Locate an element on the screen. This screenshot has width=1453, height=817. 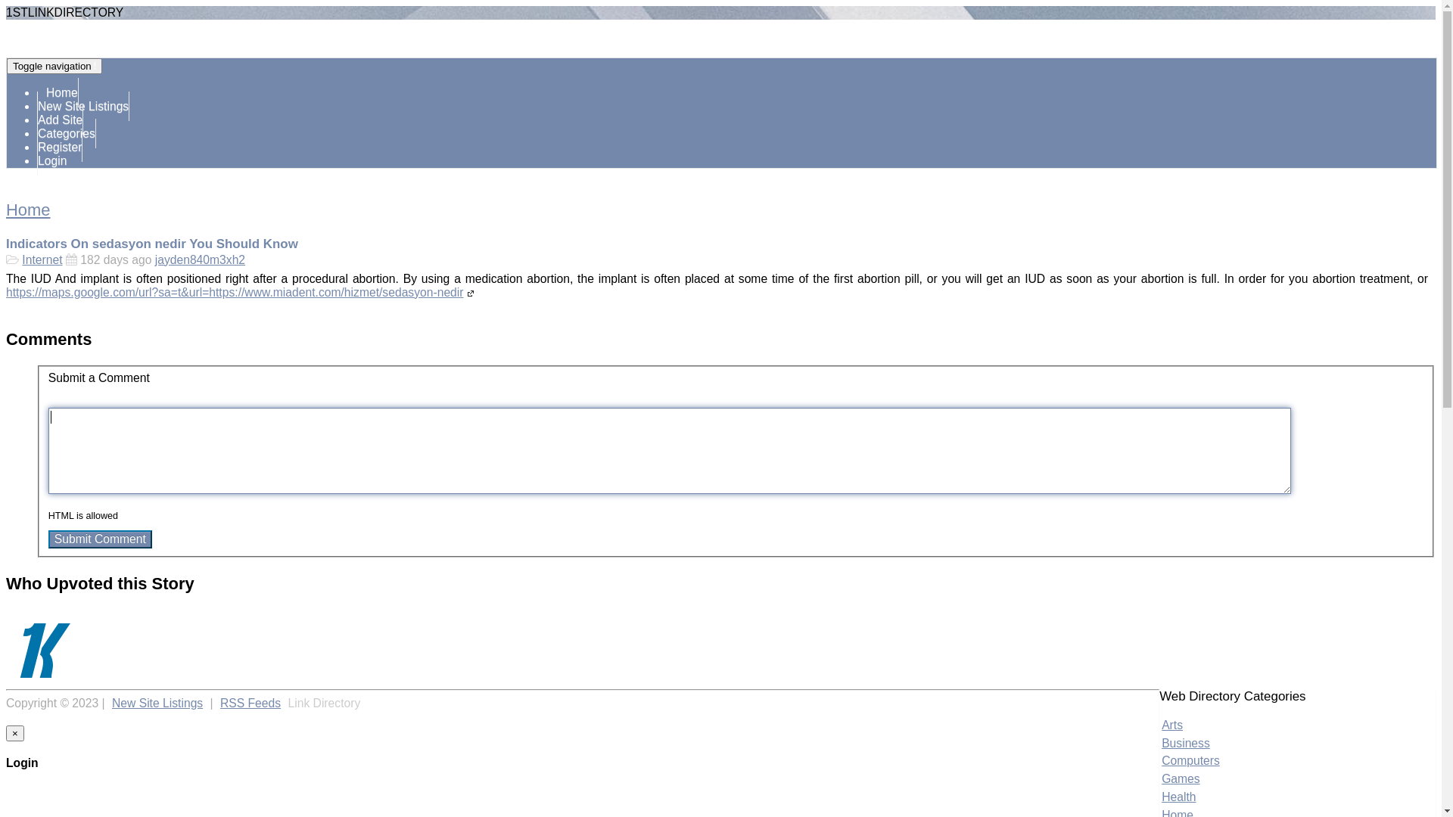
'Categories' is located at coordinates (65, 132).